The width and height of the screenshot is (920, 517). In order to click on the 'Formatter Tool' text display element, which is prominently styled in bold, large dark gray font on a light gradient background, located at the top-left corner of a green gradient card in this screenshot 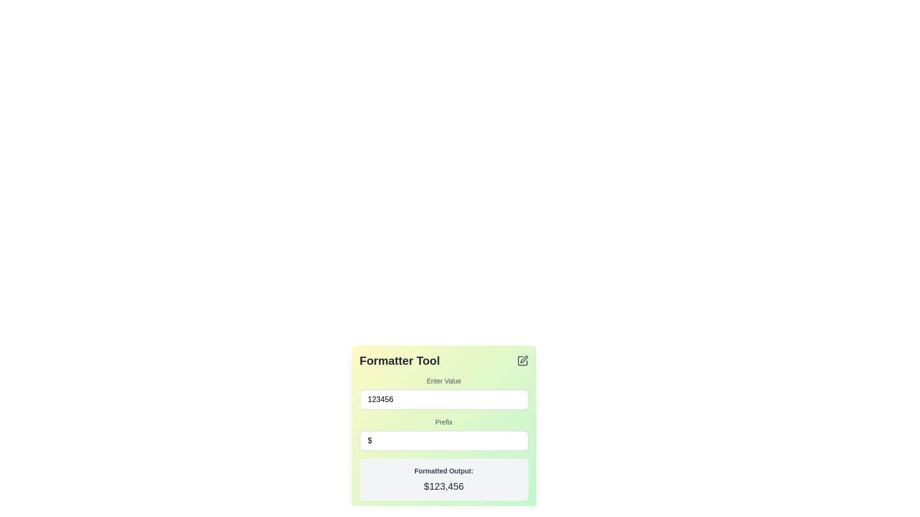, I will do `click(400, 360)`.